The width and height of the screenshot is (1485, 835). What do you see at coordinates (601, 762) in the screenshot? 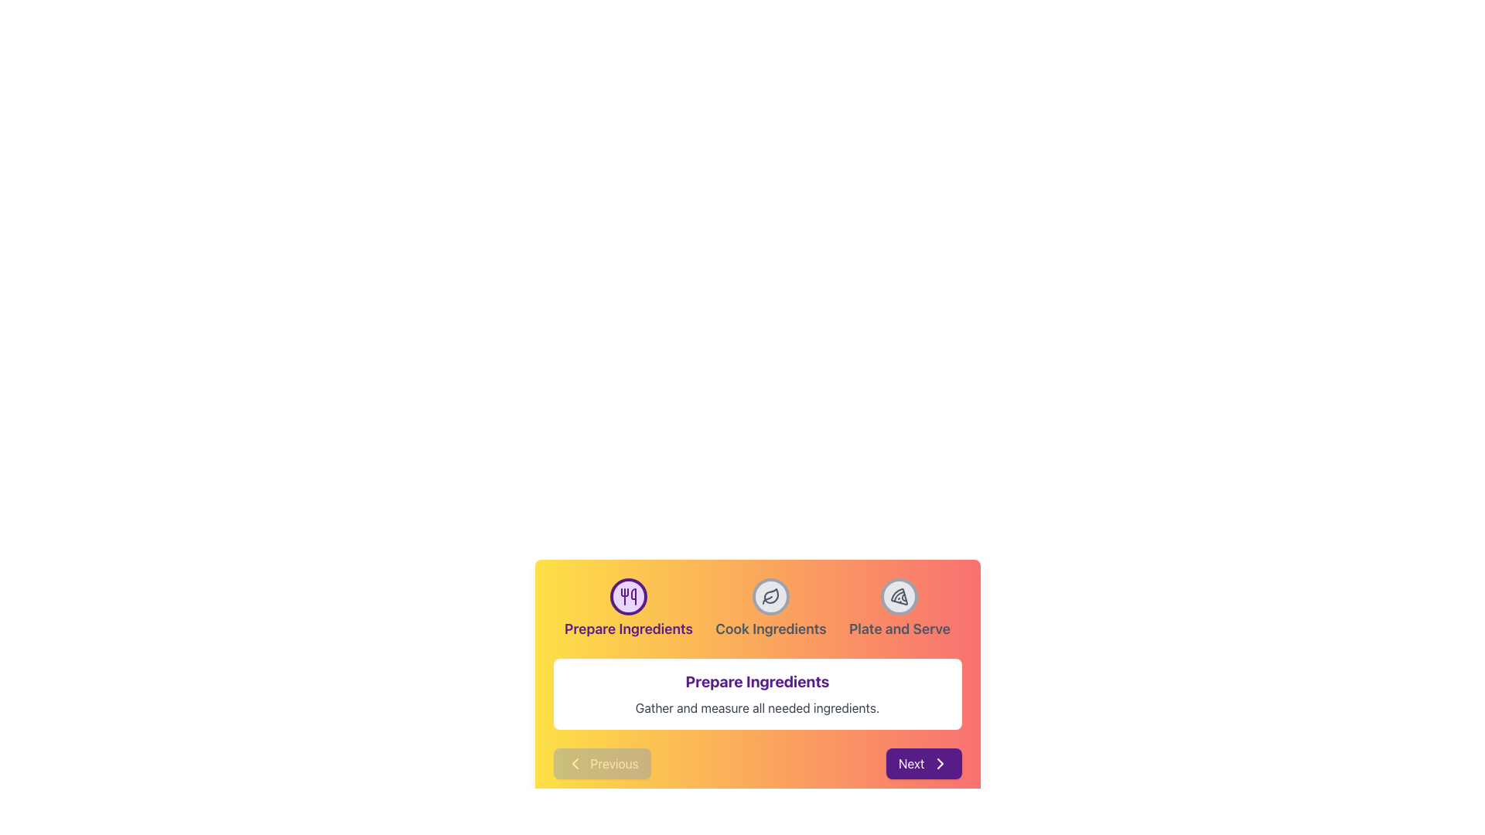
I see `the 'Previous' button located at the bottom-left of the interface` at bounding box center [601, 762].